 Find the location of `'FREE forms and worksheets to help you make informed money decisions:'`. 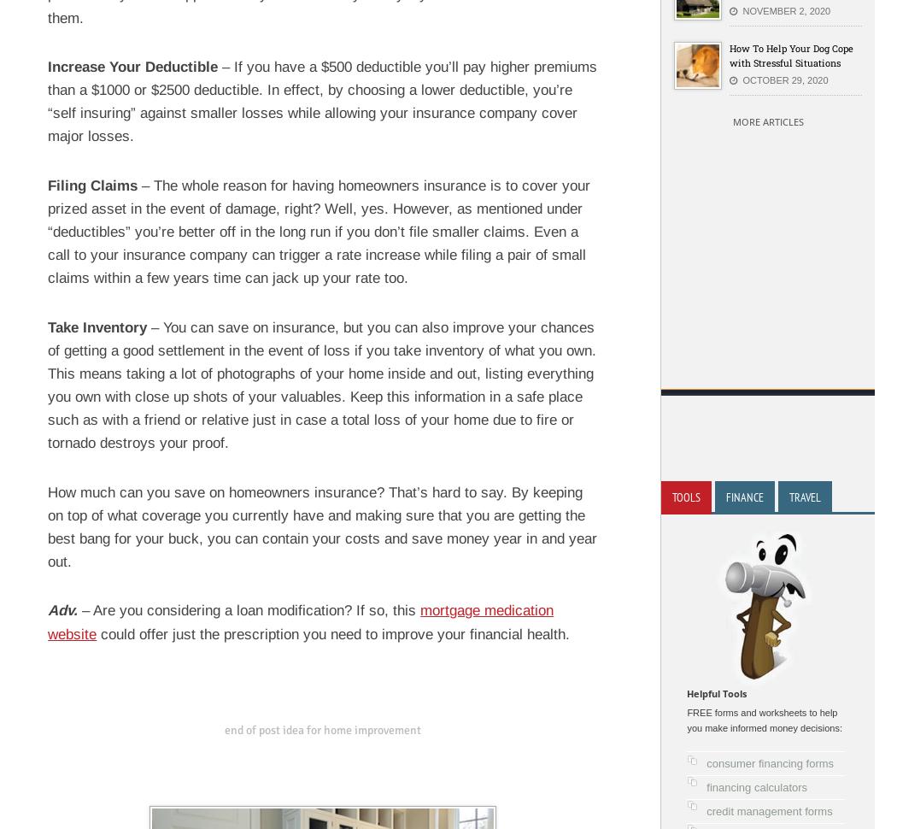

'FREE forms and worksheets to help you make informed money decisions:' is located at coordinates (763, 720).